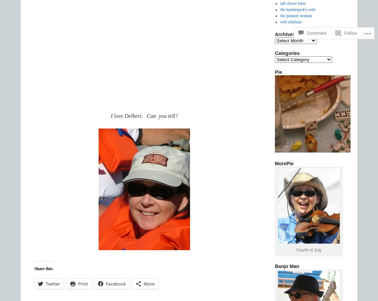 The image size is (378, 301). I want to click on 'Fourth of July', so click(309, 250).